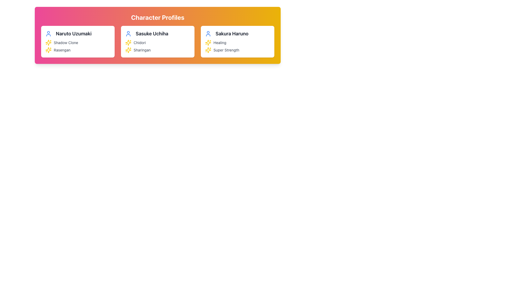 The image size is (506, 285). What do you see at coordinates (208, 34) in the screenshot?
I see `the SVG icon representing the profile of 'Sakura Haruno', located at the top left of the profile card above the name` at bounding box center [208, 34].